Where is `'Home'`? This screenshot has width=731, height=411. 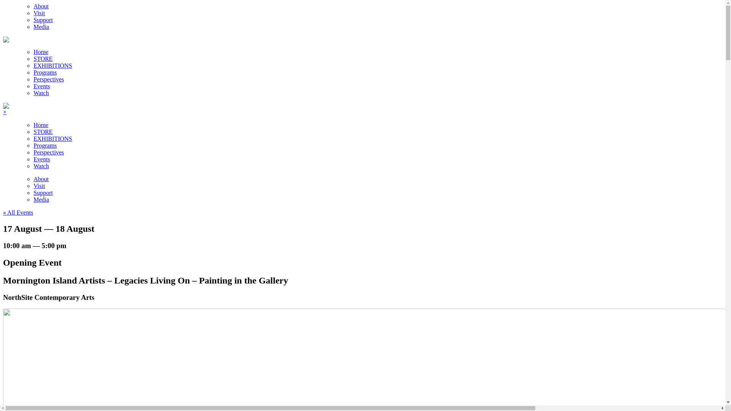 'Home' is located at coordinates (40, 124).